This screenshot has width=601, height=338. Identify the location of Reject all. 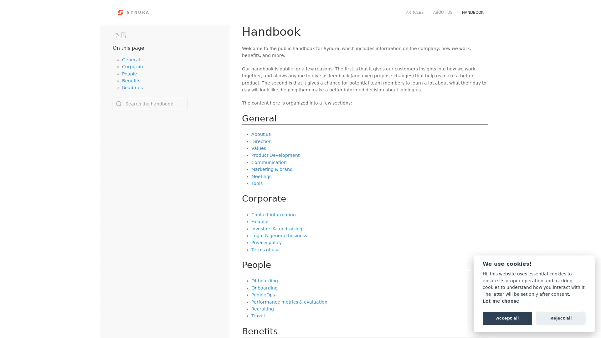
(561, 318).